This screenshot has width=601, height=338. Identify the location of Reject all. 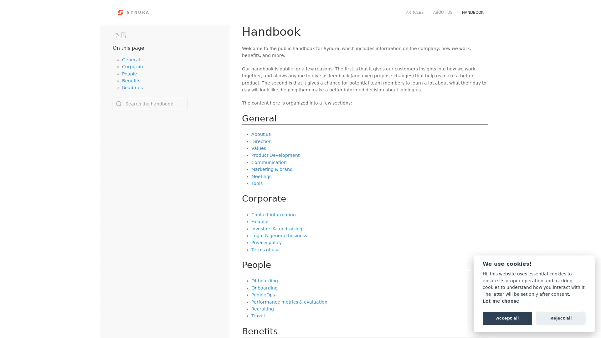
(561, 318).